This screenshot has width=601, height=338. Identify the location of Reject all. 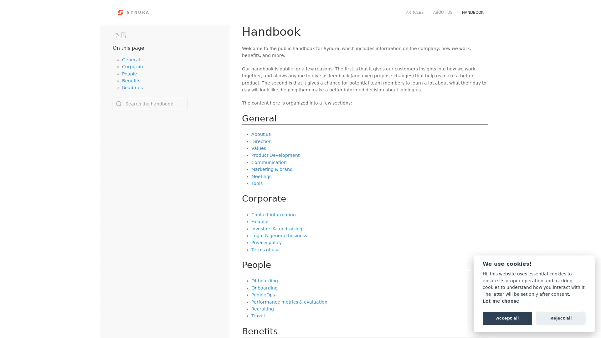
(561, 318).